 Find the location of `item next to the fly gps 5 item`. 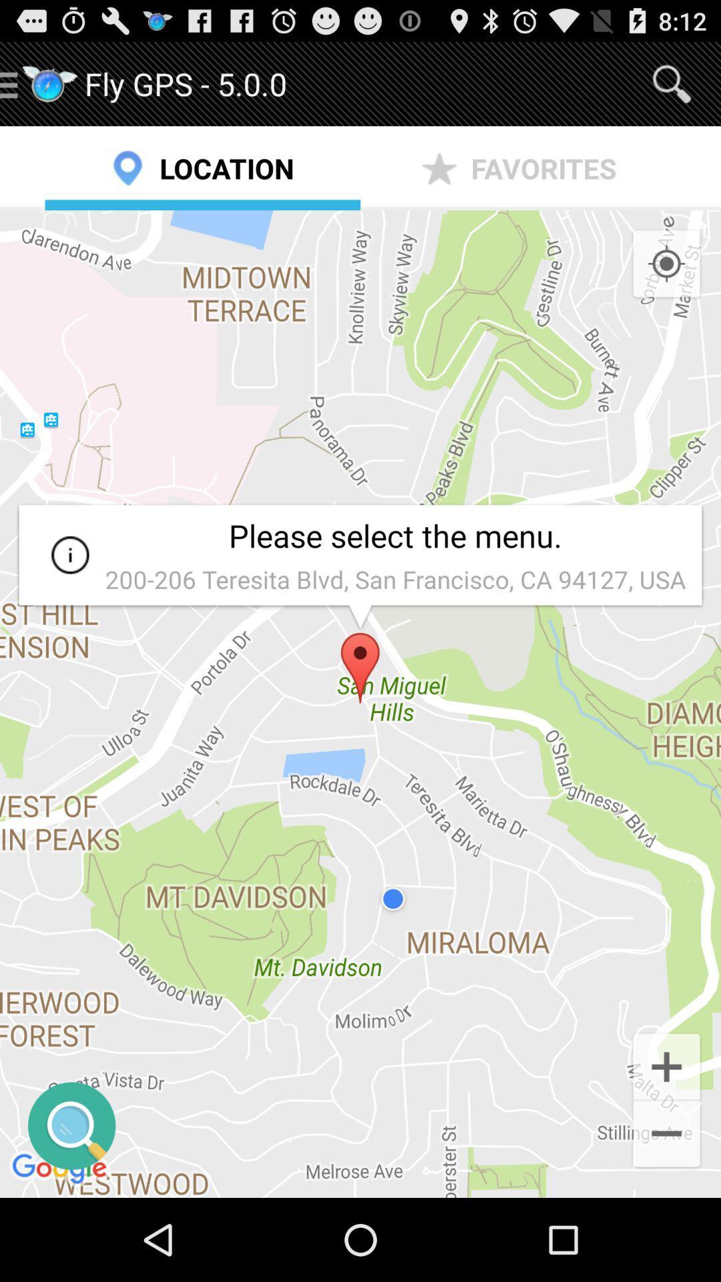

item next to the fly gps 5 item is located at coordinates (672, 83).